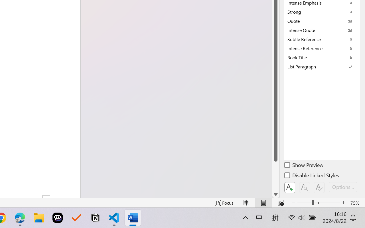 The width and height of the screenshot is (365, 228). I want to click on 'Intense Reference', so click(322, 48).